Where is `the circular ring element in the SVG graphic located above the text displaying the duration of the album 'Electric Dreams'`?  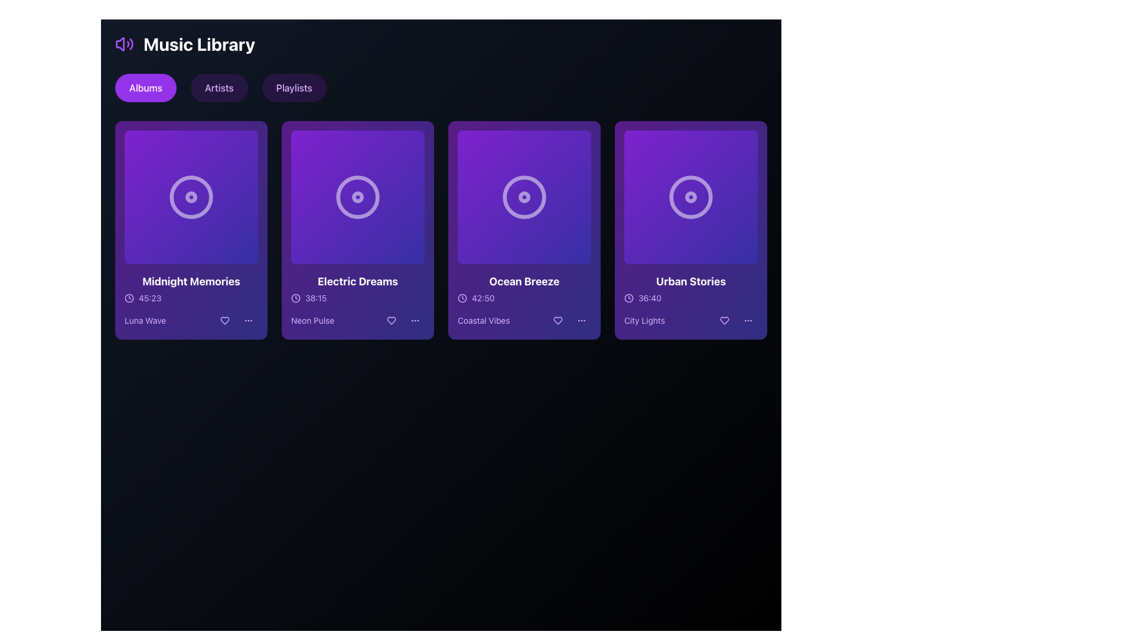 the circular ring element in the SVG graphic located above the text displaying the duration of the album 'Electric Dreams' is located at coordinates (295, 298).